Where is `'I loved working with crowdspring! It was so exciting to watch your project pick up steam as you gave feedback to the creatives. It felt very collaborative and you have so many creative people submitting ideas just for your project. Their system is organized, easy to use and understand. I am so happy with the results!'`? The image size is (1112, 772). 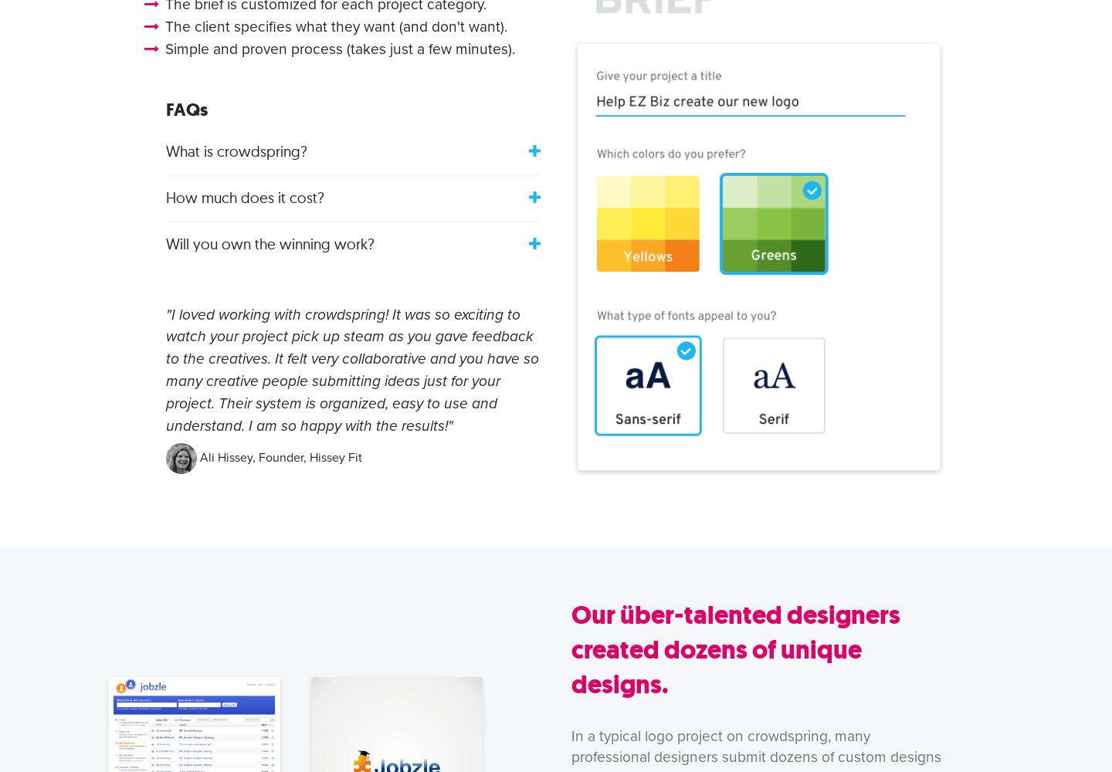
'I loved working with crowdspring! It was so exciting to watch your project pick up steam as you gave feedback to the creatives. It felt very collaborative and you have so many creative people submitting ideas just for your project. Their system is organized, easy to use and understand. I am so happy with the results!' is located at coordinates (352, 368).